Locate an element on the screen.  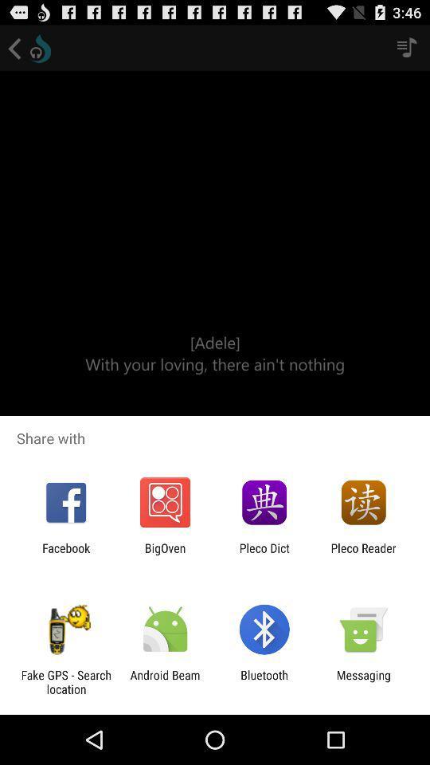
the pleco dict is located at coordinates (264, 555).